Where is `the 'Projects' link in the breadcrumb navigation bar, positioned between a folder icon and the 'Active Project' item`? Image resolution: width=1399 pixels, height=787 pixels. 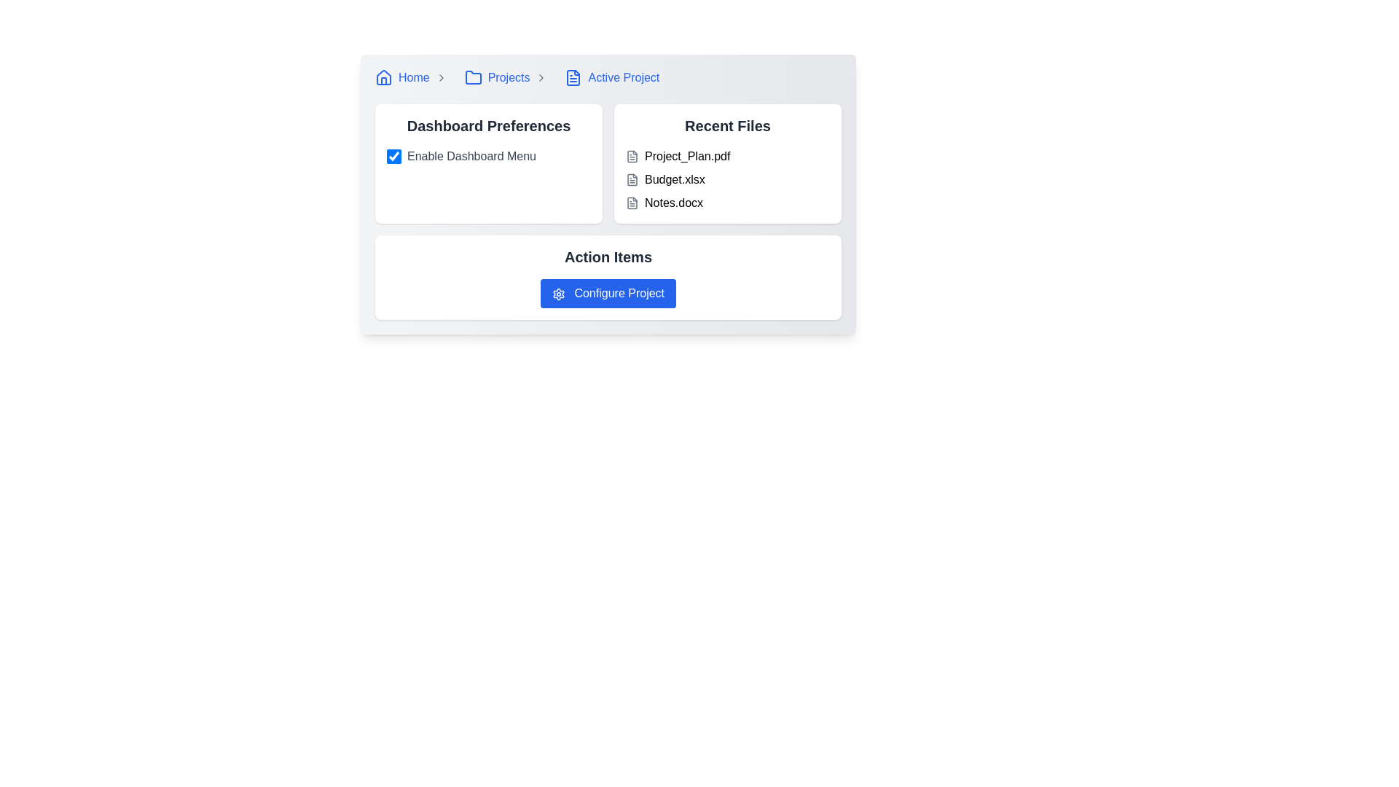 the 'Projects' link in the breadcrumb navigation bar, positioned between a folder icon and the 'Active Project' item is located at coordinates (509, 78).